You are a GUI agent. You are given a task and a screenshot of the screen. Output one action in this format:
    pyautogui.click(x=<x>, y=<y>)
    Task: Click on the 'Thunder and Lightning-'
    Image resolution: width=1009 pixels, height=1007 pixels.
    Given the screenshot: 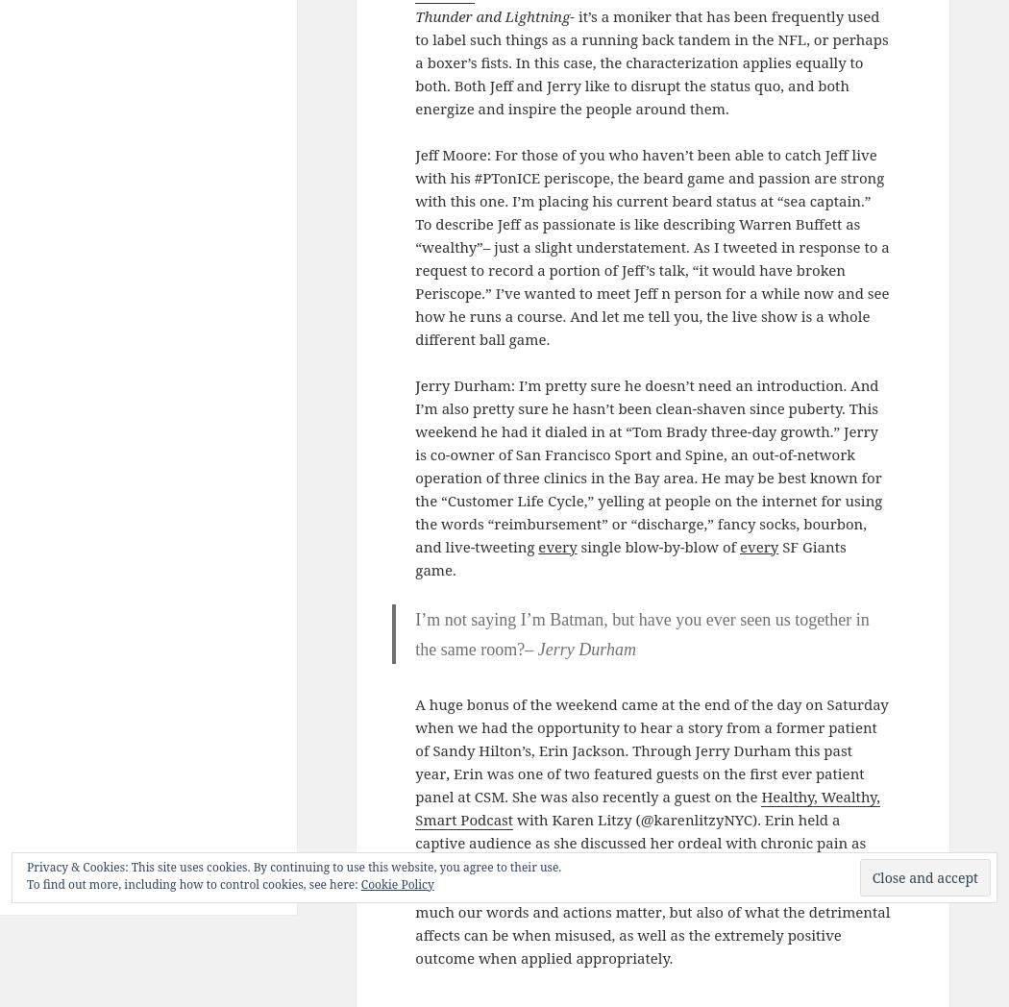 What is the action you would take?
    pyautogui.click(x=494, y=14)
    